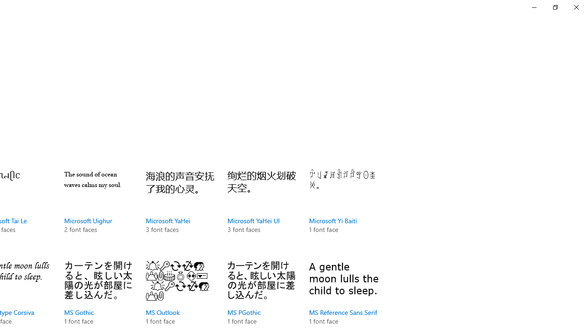  Describe the element at coordinates (261, 211) in the screenshot. I see `'Microsoft YaHei UI, 3 font faces'` at that location.